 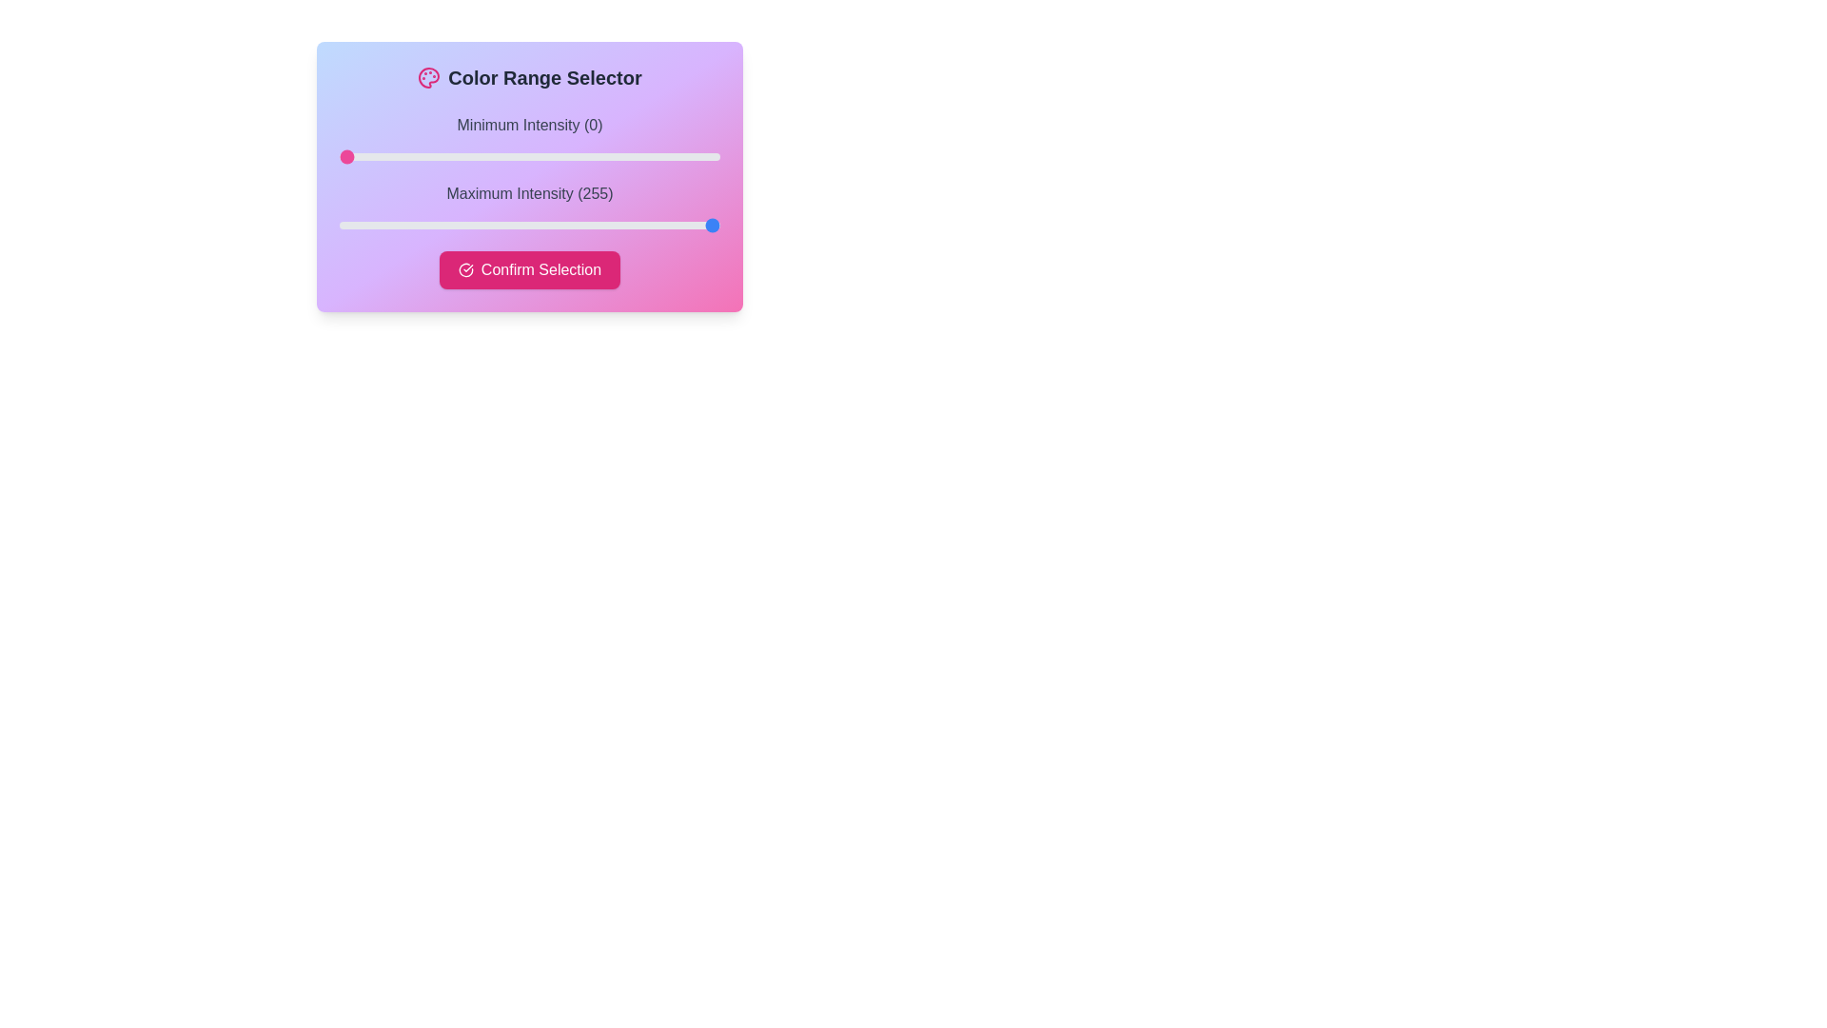 I want to click on the slider to set the intensity to 45, so click(x=405, y=156).